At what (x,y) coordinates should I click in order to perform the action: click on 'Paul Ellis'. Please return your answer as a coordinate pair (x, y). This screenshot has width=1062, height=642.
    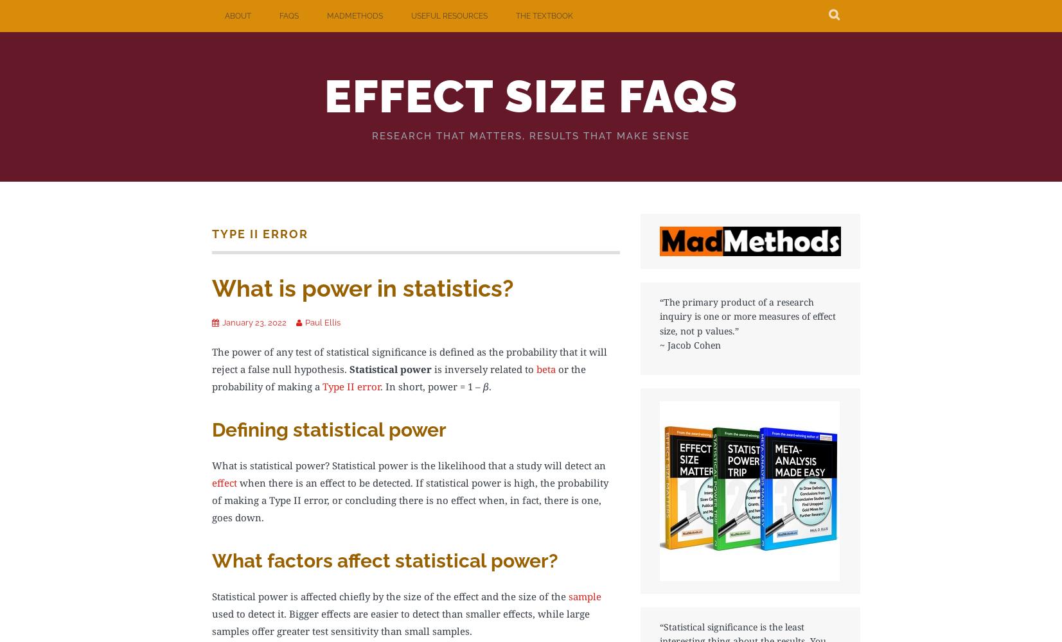
    Looking at the image, I should click on (321, 322).